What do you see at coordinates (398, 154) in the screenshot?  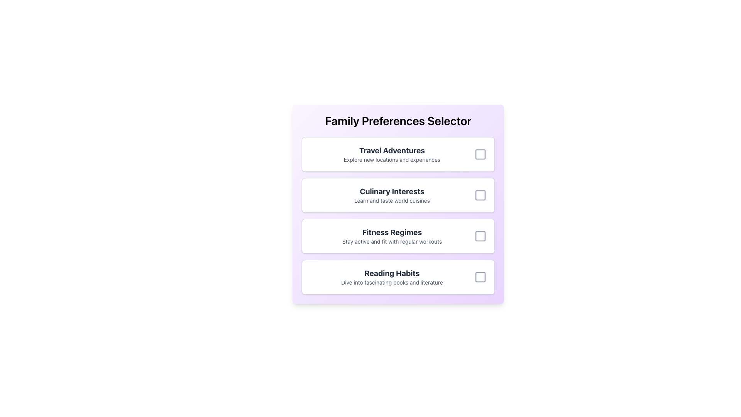 I see `the selectable card titled 'Travel Adventures' with a checkbox in the 'Family Preferences Selector' interface` at bounding box center [398, 154].